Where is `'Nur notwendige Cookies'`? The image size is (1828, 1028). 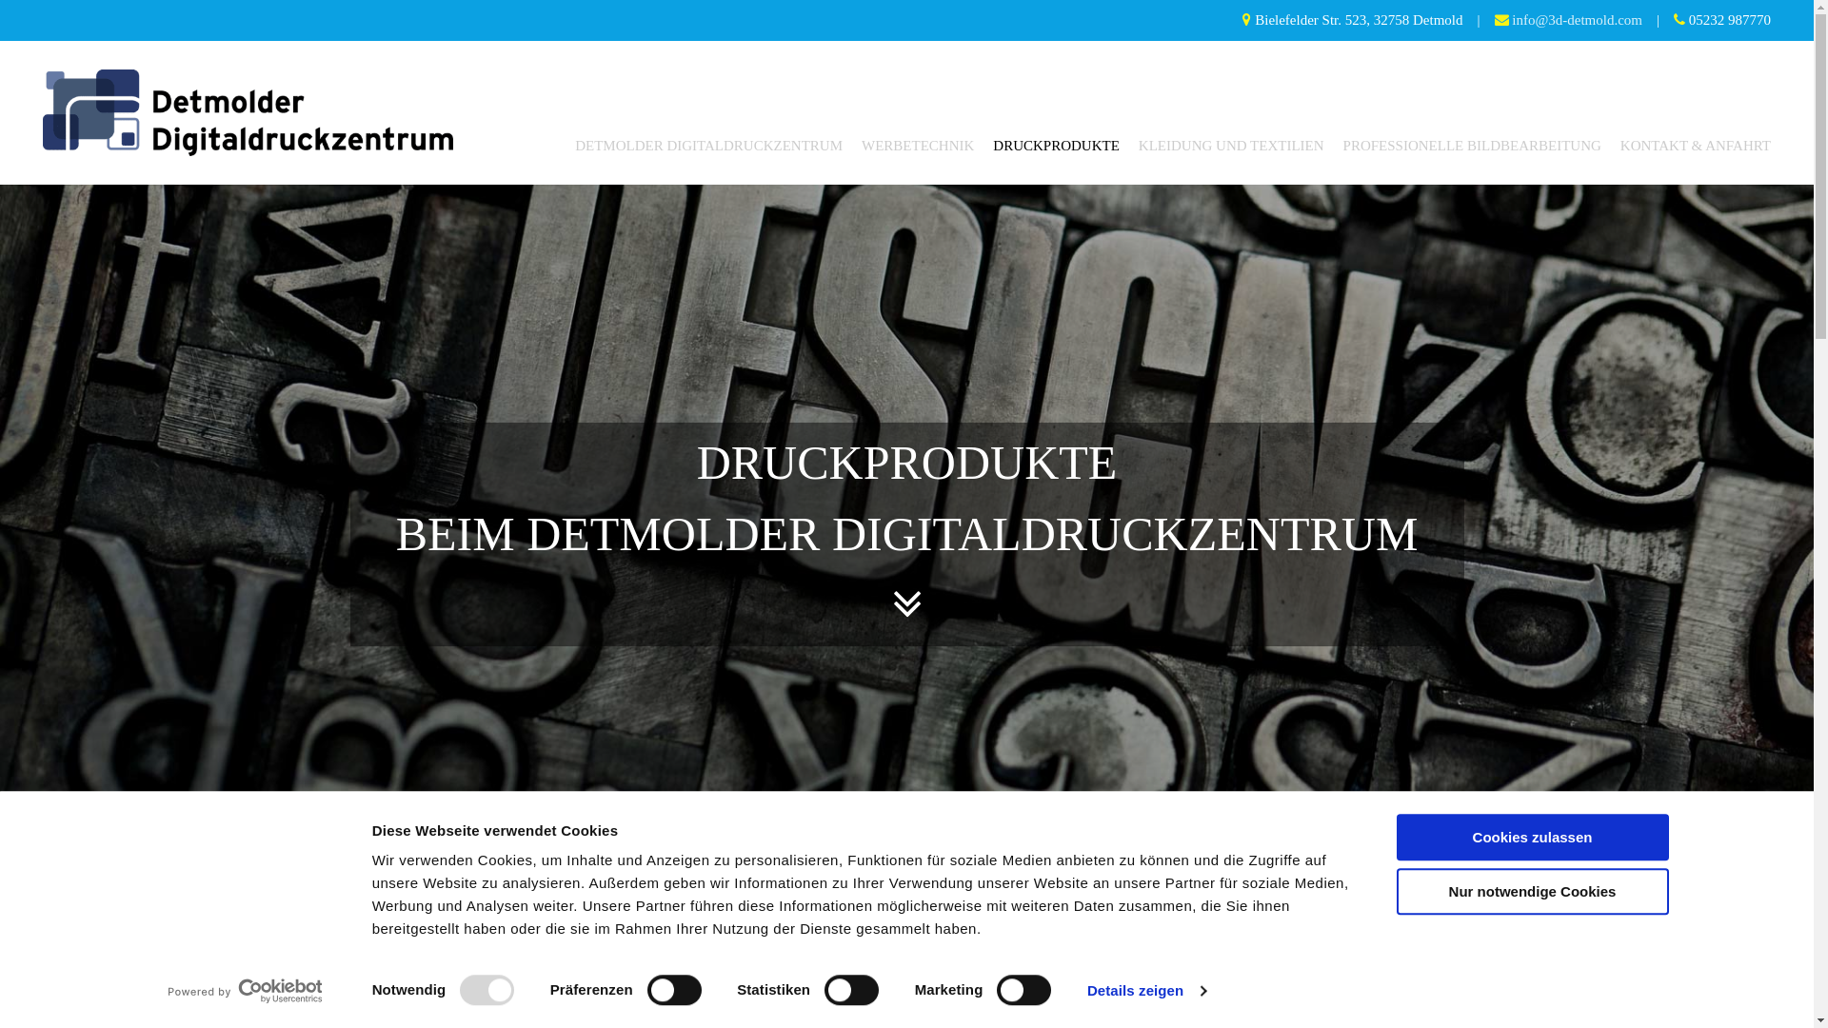
'Nur notwendige Cookies' is located at coordinates (1395, 891).